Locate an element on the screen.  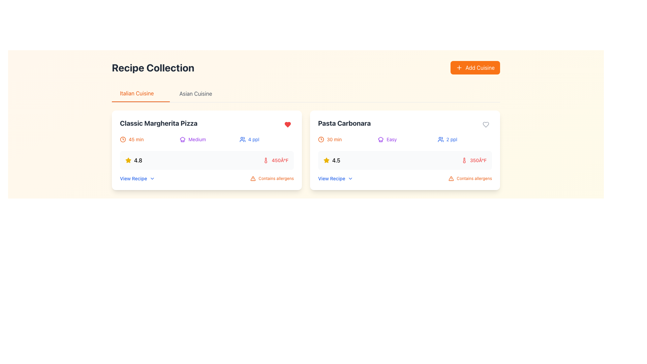
the yellow star-shaped icon that signifies a rating of '4.5', located to the left of the numerical rating in the 'Pasta Carbonara' card is located at coordinates (327, 160).